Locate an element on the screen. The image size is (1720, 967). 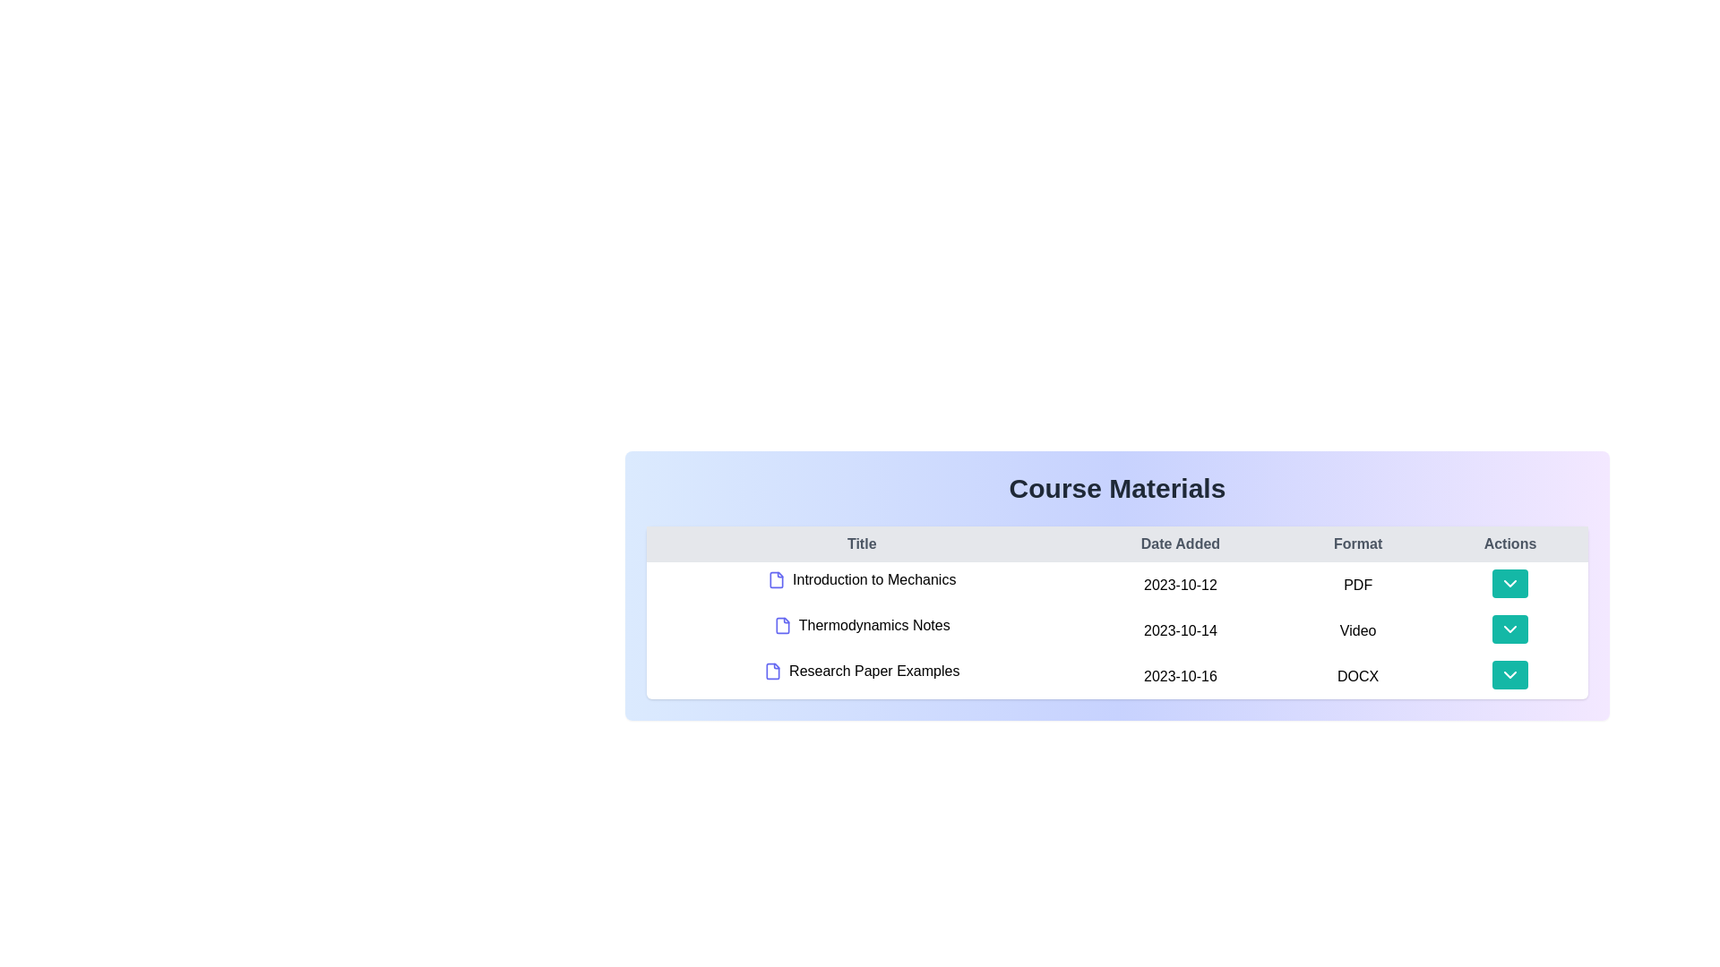
the indigo file icon located in the 'Course Materials' table, adjacent to the text 'Introduction to Mechanics' is located at coordinates (777, 580).